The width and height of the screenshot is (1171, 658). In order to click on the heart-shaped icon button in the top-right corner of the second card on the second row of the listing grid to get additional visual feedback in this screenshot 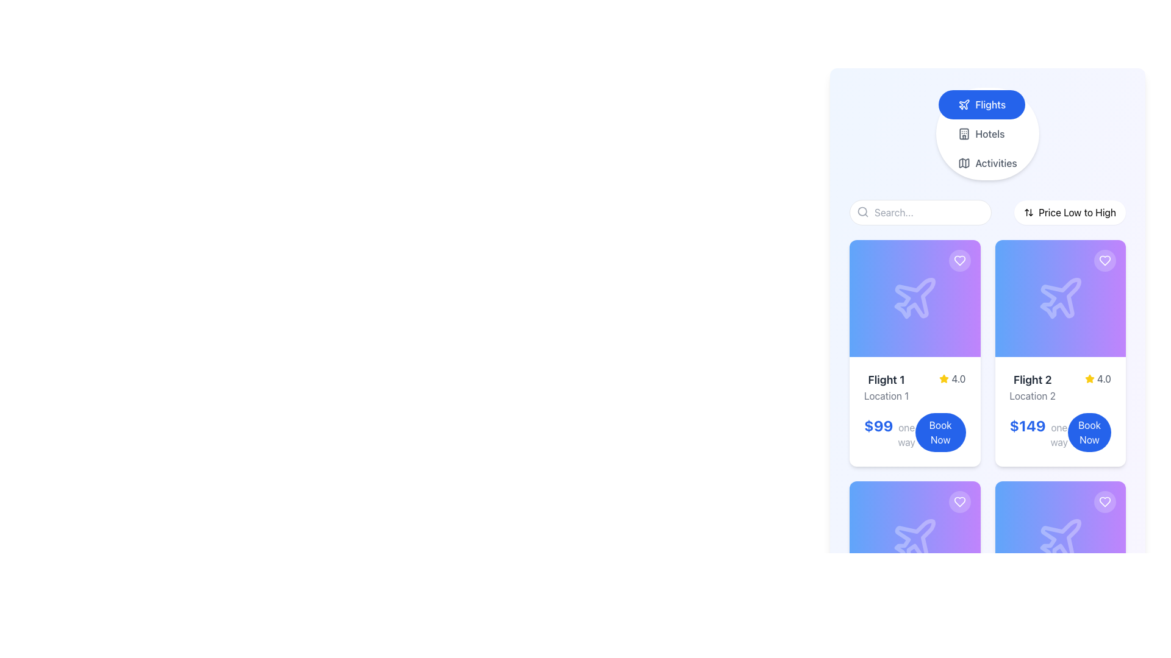, I will do `click(1105, 260)`.